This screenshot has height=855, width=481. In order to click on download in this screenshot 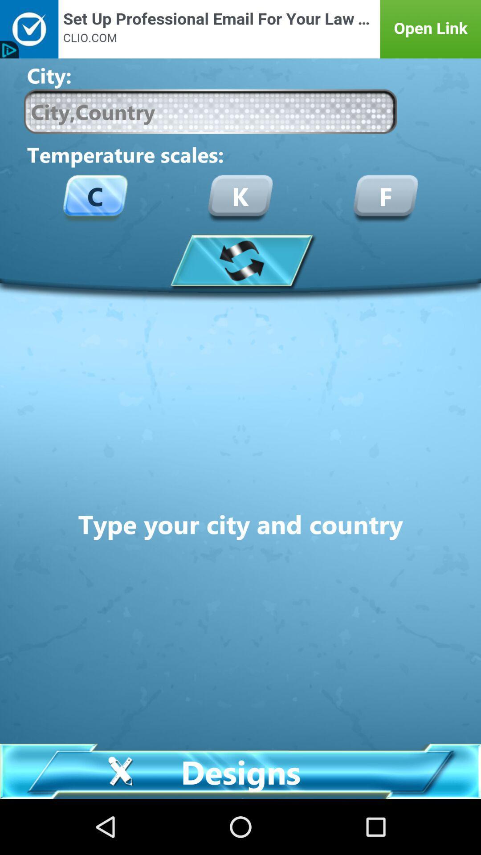, I will do `click(240, 260)`.